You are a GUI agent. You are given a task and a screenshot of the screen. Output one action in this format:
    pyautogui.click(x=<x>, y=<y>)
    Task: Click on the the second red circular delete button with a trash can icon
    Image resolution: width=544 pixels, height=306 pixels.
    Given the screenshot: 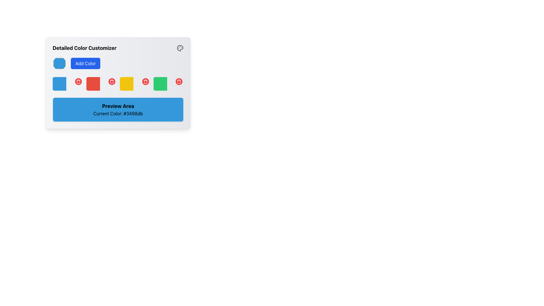 What is the action you would take?
    pyautogui.click(x=78, y=82)
    